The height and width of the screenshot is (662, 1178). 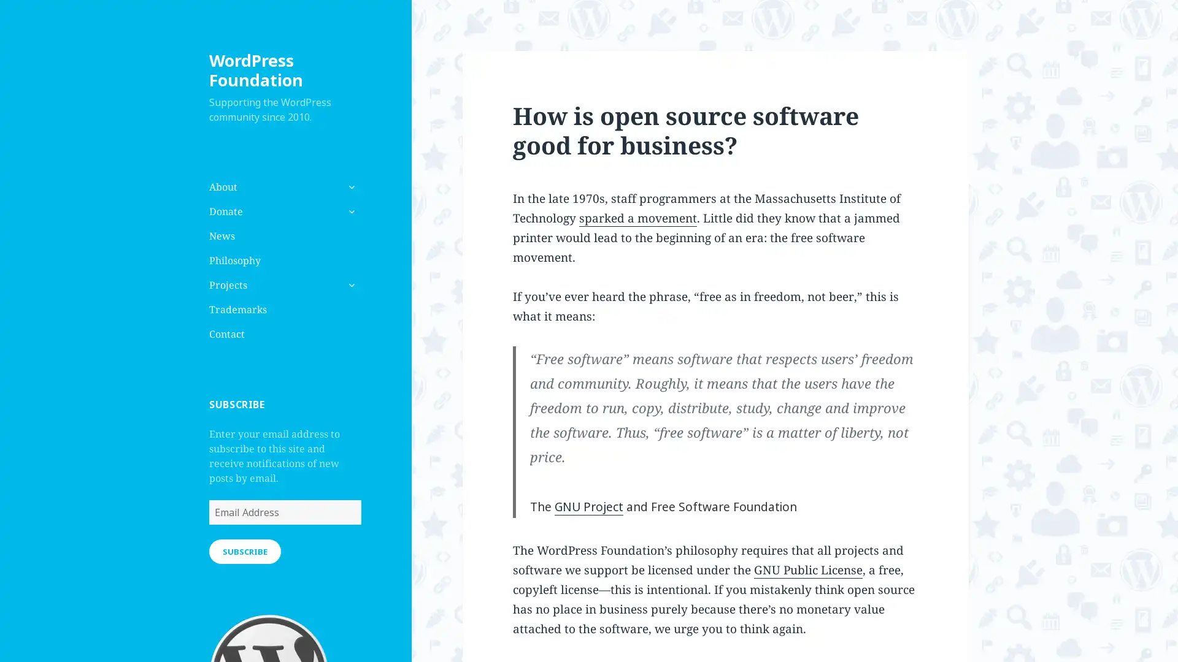 I want to click on SUBSCRIBE, so click(x=244, y=550).